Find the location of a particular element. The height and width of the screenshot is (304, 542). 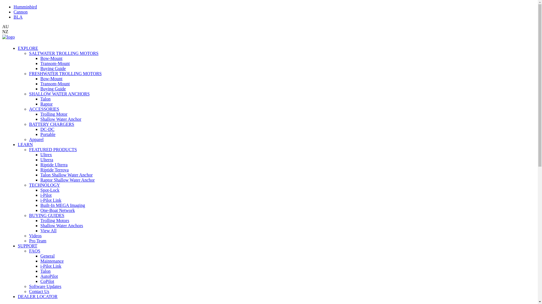

'Pro Team' is located at coordinates (37, 241).